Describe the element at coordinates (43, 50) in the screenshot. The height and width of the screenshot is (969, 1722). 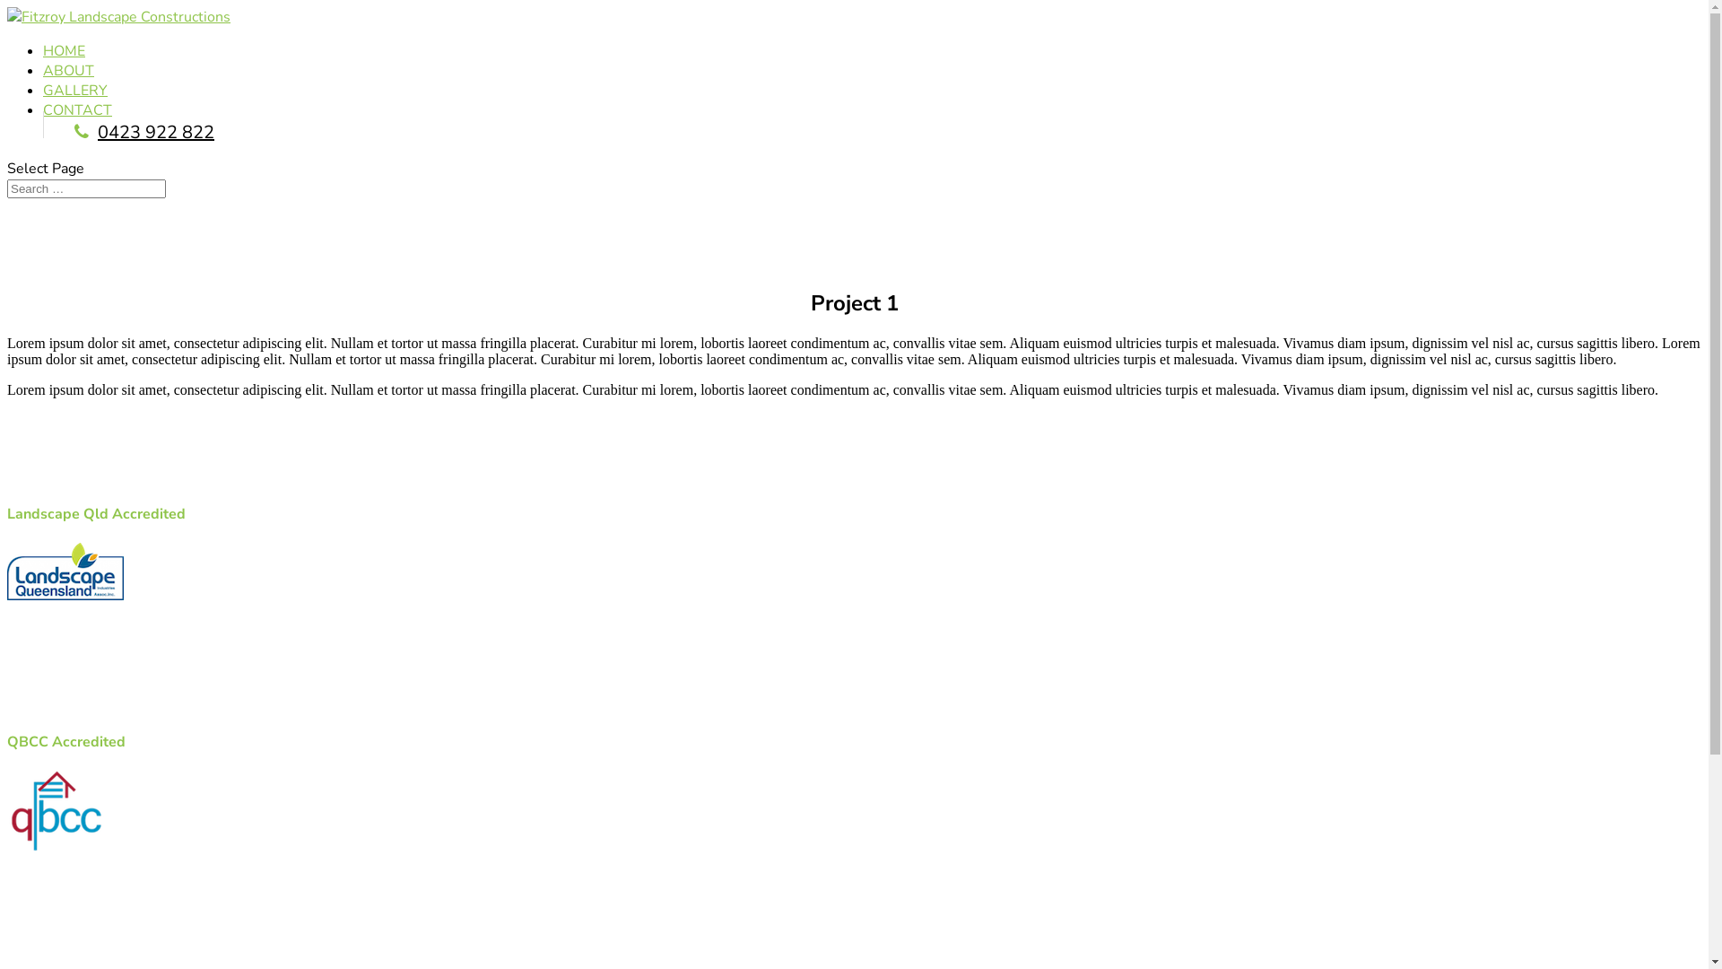
I see `'HOME'` at that location.